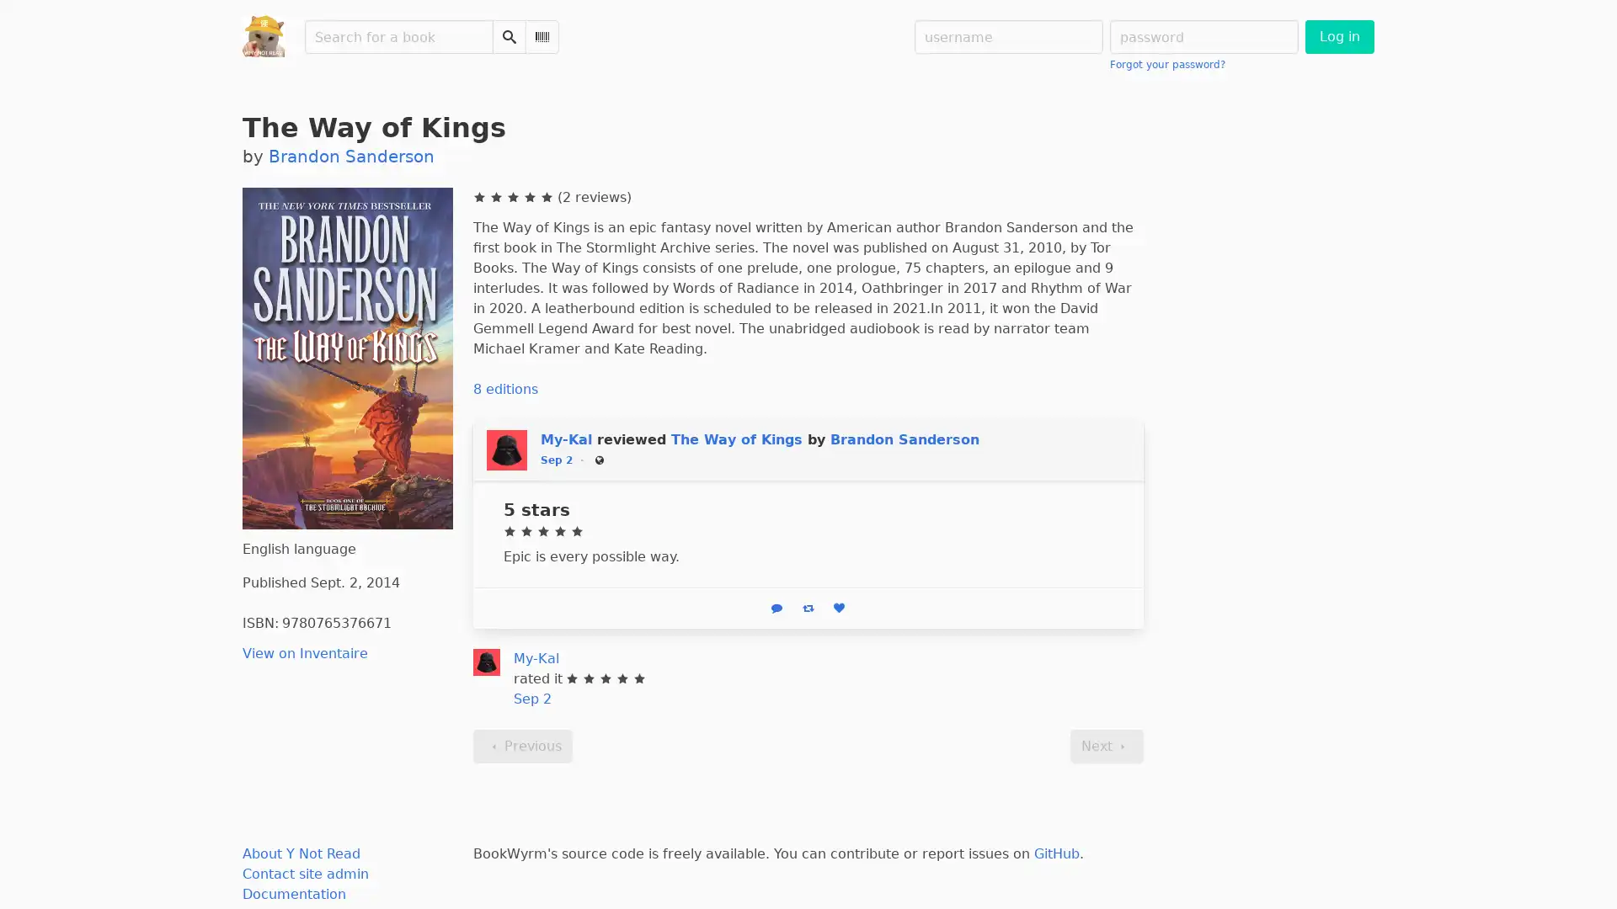 The image size is (1617, 909). I want to click on Log in, so click(1338, 36).